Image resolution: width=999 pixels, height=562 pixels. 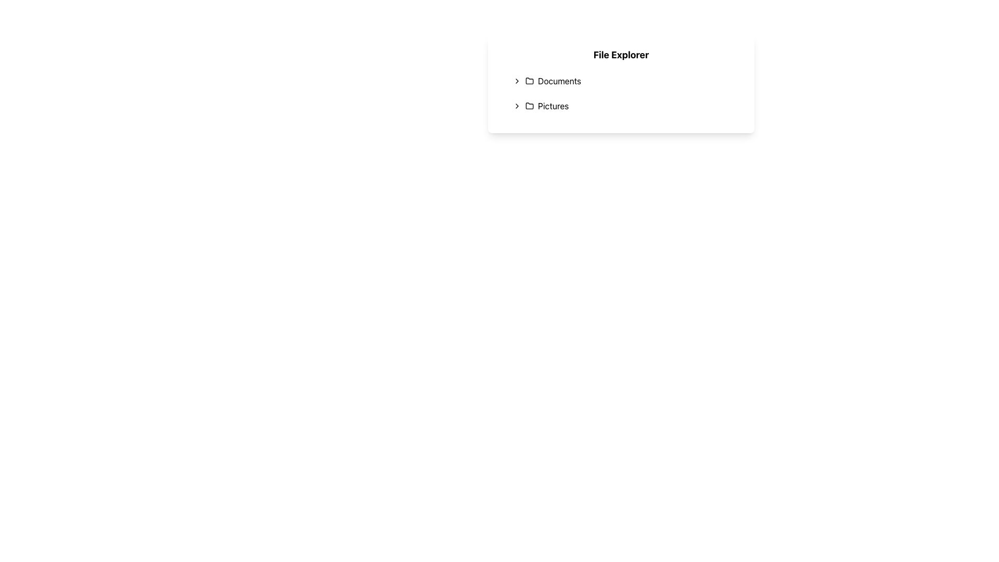 What do you see at coordinates (517, 80) in the screenshot?
I see `the Chevron icon button located in the 'Documents' entry` at bounding box center [517, 80].